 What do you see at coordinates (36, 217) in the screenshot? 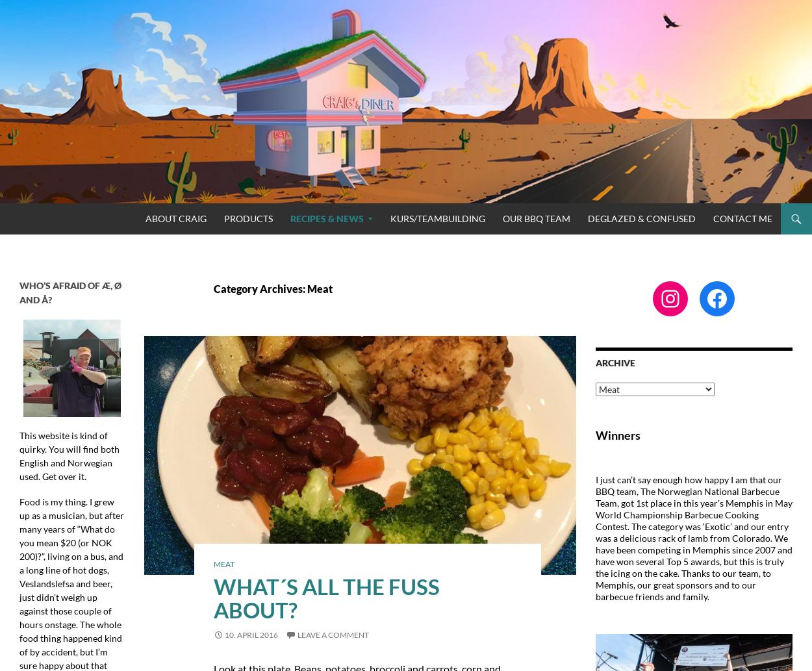
I see `'Craig.no'` at bounding box center [36, 217].